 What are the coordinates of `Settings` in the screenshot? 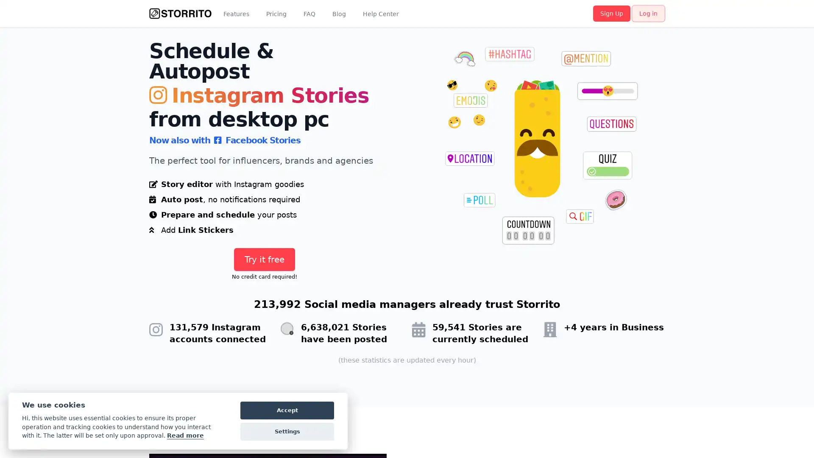 It's located at (287, 432).